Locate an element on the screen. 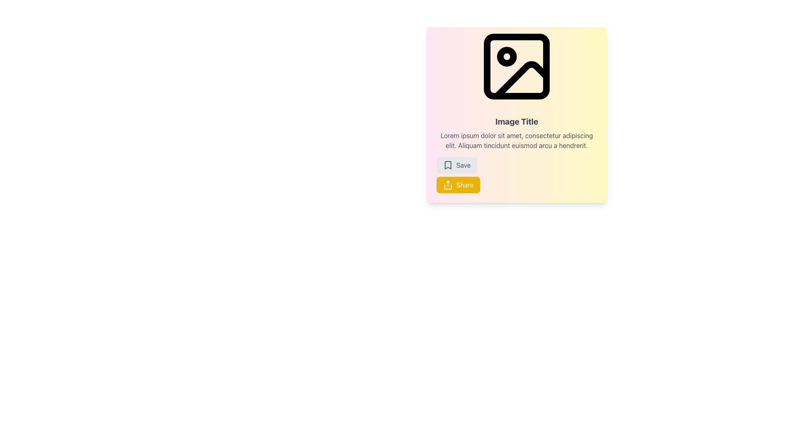  the share icon element, which is represented by an upward arrow on a yellow background, located inside the 'Share' button in the bottom-right corner of the card layout is located at coordinates (448, 185).